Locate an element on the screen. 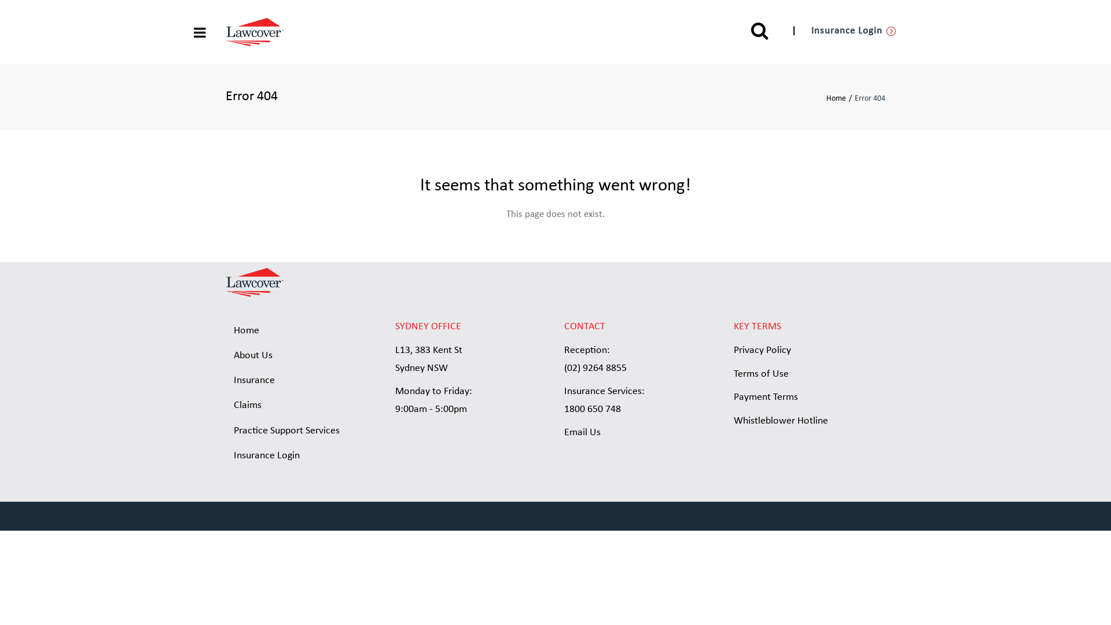 This screenshot has height=625, width=1111. 'Privacy Policy' is located at coordinates (762, 350).